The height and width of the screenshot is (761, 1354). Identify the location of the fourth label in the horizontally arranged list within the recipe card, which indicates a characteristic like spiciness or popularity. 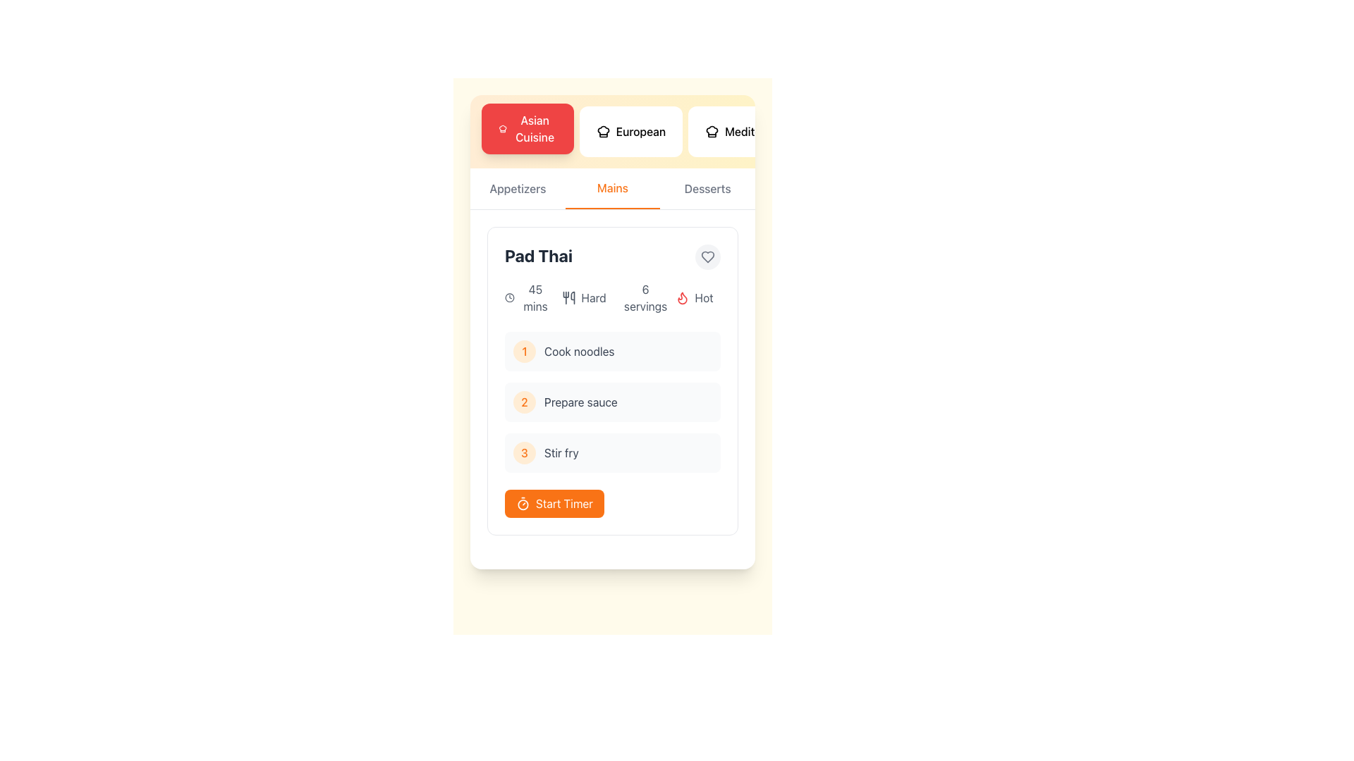
(697, 297).